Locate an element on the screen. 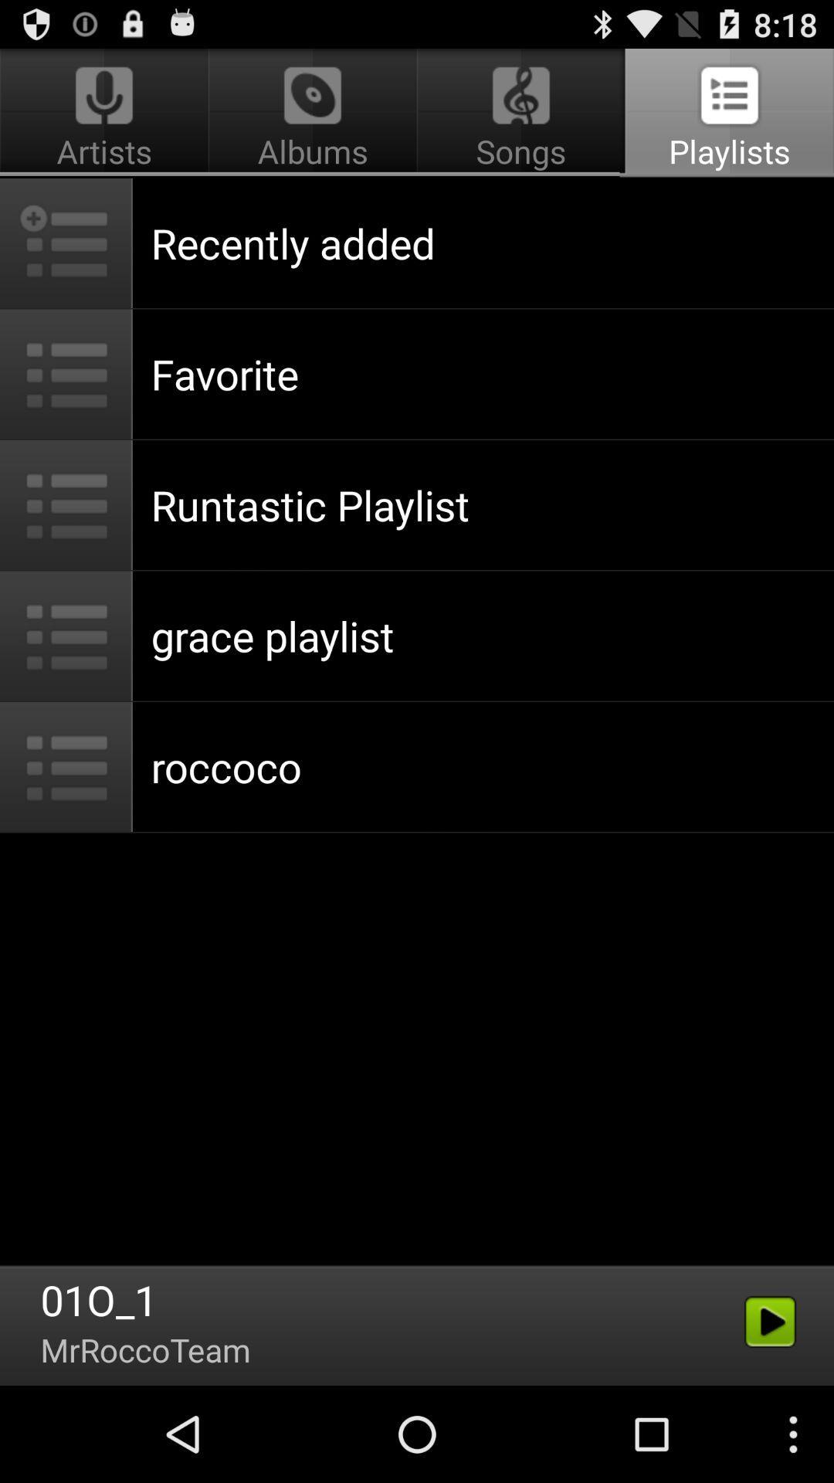  playlists item is located at coordinates (727, 113).